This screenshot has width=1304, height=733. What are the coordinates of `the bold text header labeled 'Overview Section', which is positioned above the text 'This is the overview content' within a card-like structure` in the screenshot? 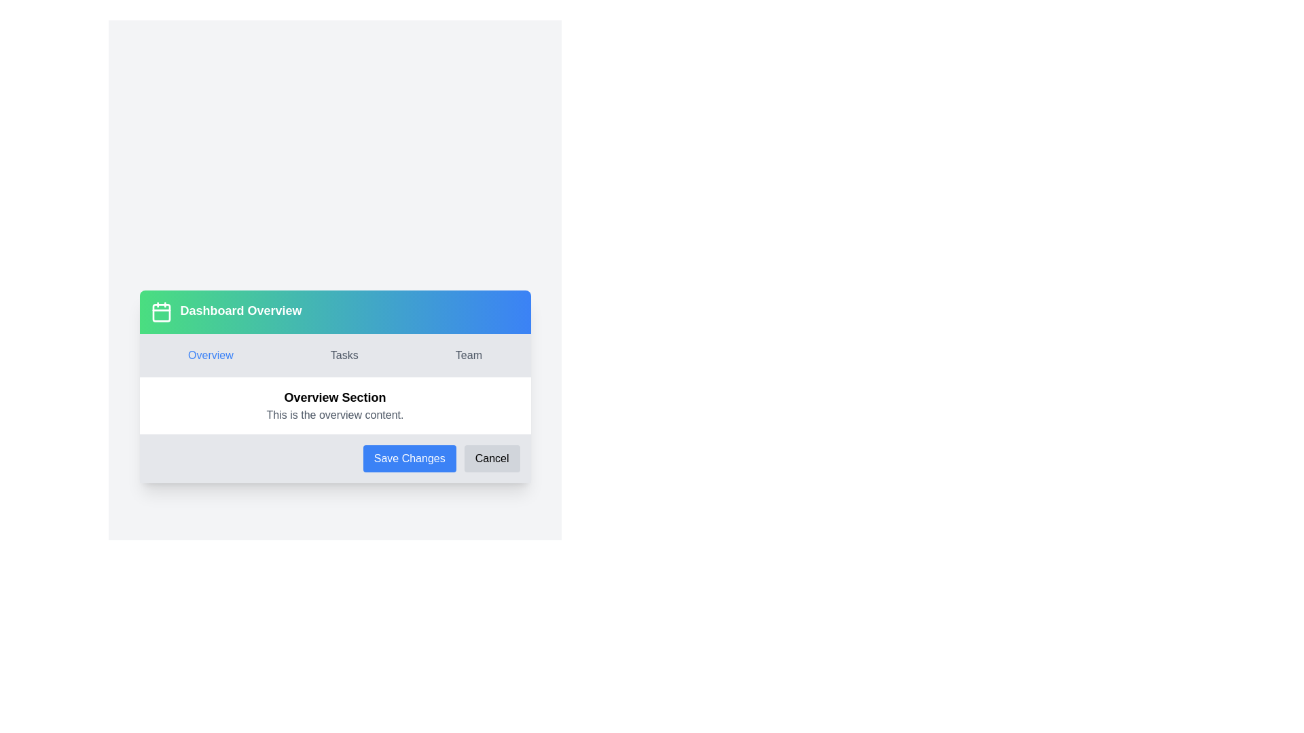 It's located at (335, 397).